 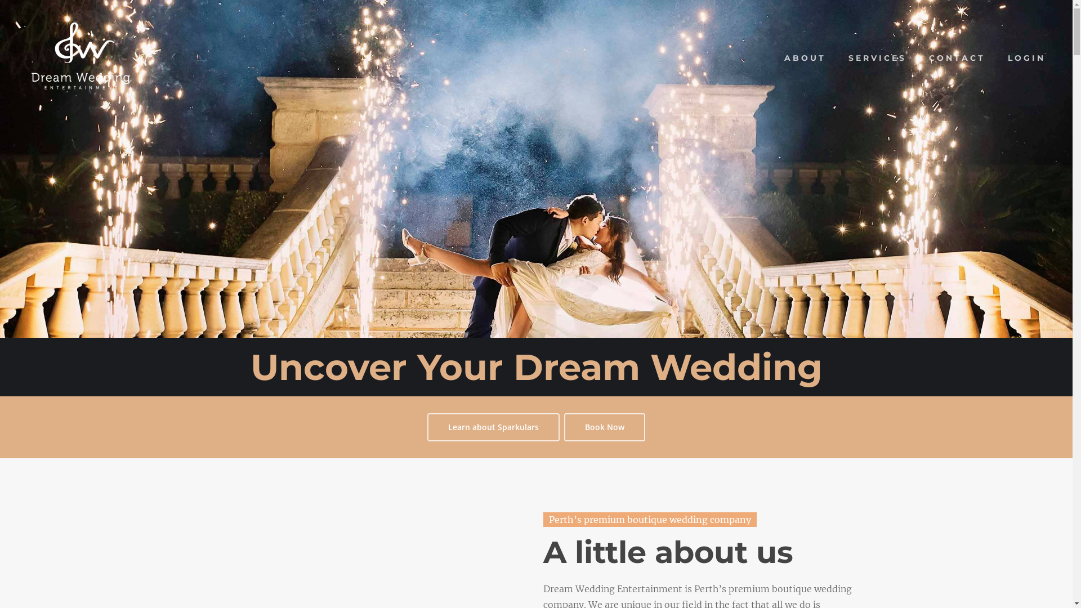 What do you see at coordinates (877, 58) in the screenshot?
I see `'SERVICES'` at bounding box center [877, 58].